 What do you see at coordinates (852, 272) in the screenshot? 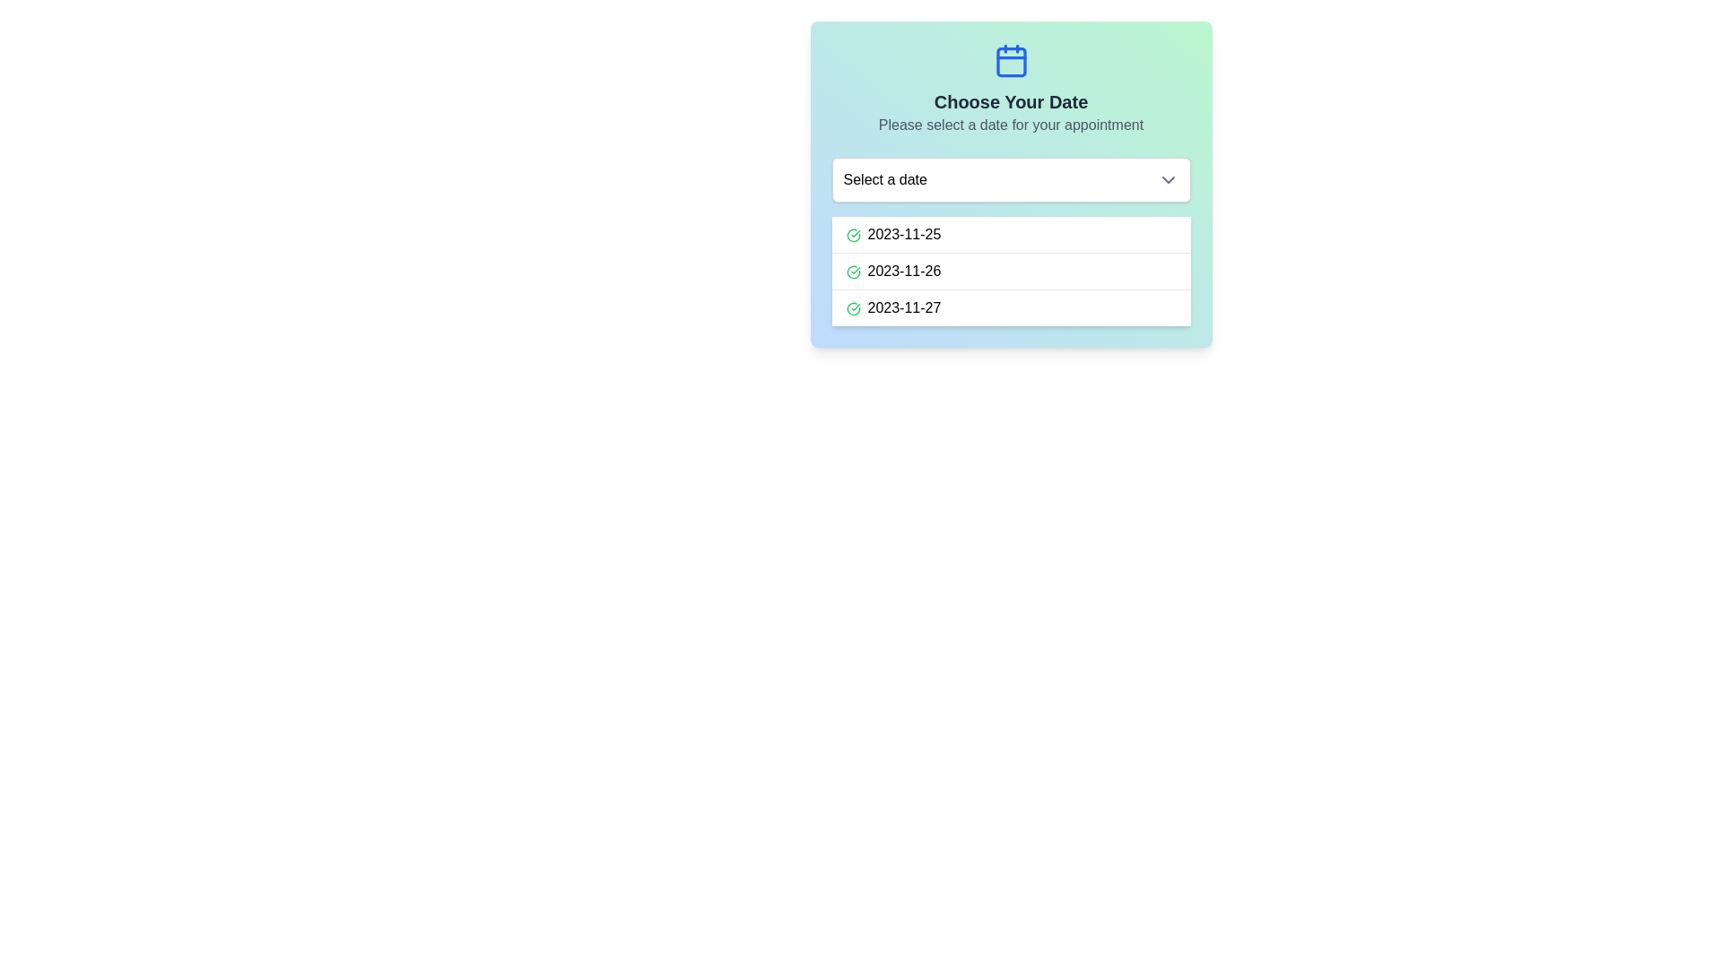
I see `the Status Icon located to the left of the date '2023-11-26' in the selectable list of dates` at bounding box center [852, 272].